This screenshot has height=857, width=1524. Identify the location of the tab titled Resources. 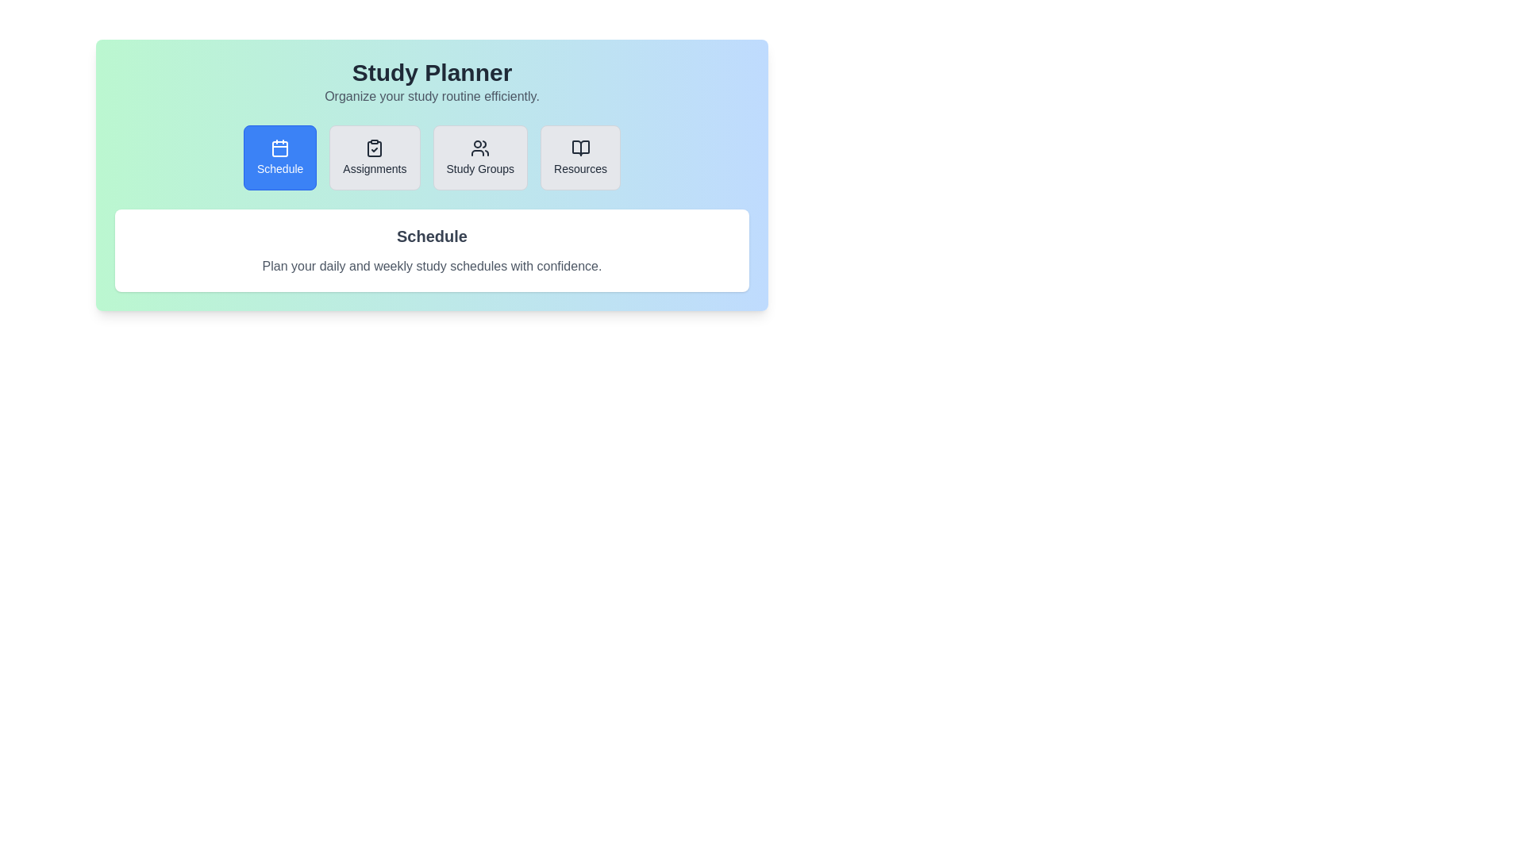
(579, 158).